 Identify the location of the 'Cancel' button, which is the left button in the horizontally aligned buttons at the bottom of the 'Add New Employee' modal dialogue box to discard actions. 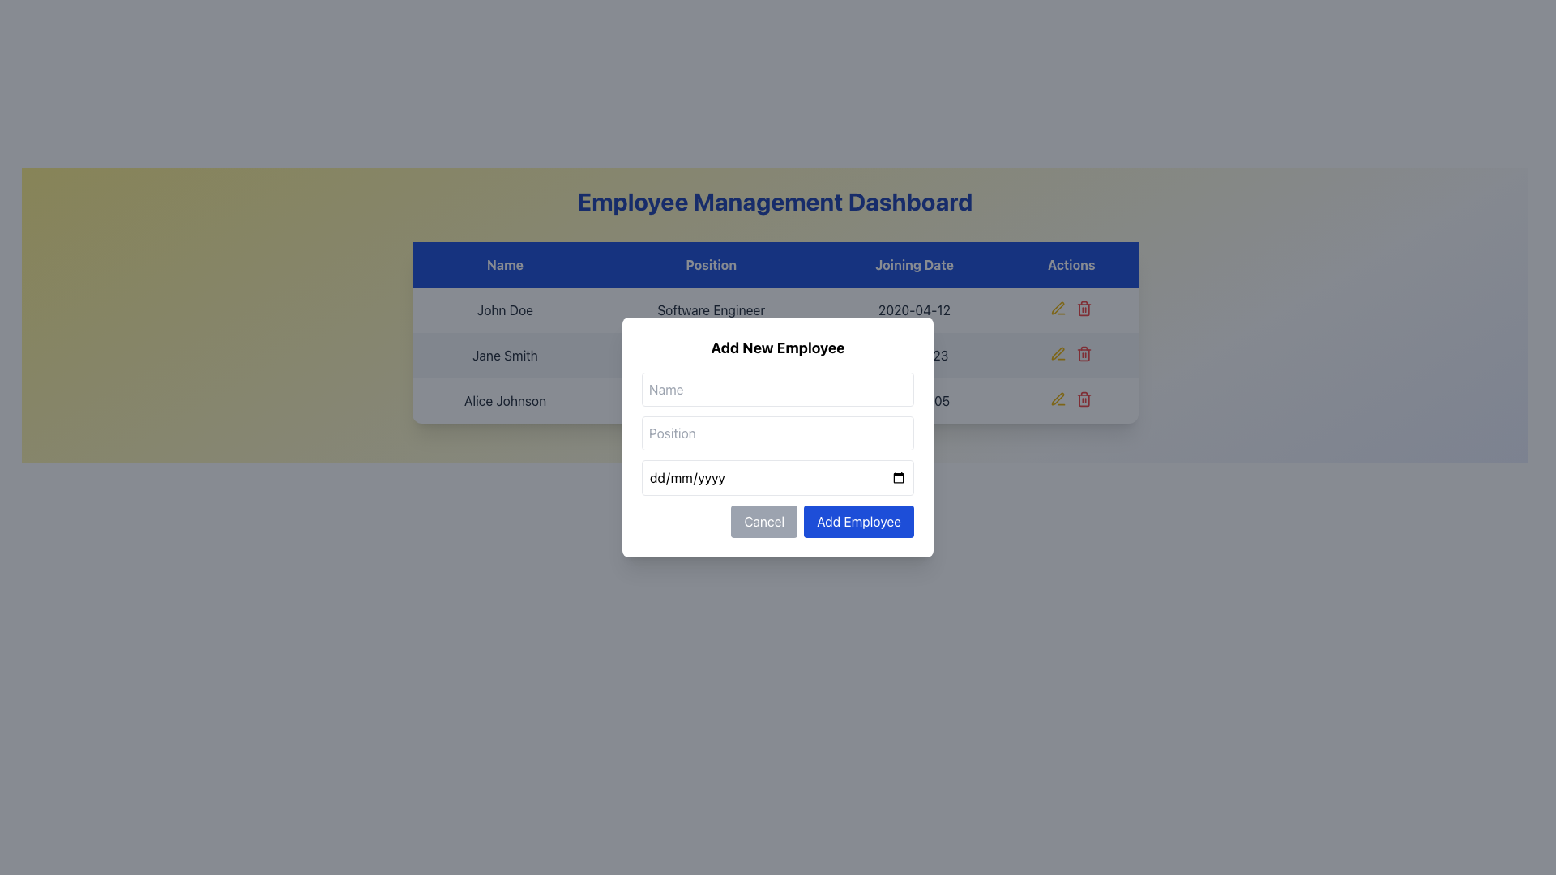
(778, 522).